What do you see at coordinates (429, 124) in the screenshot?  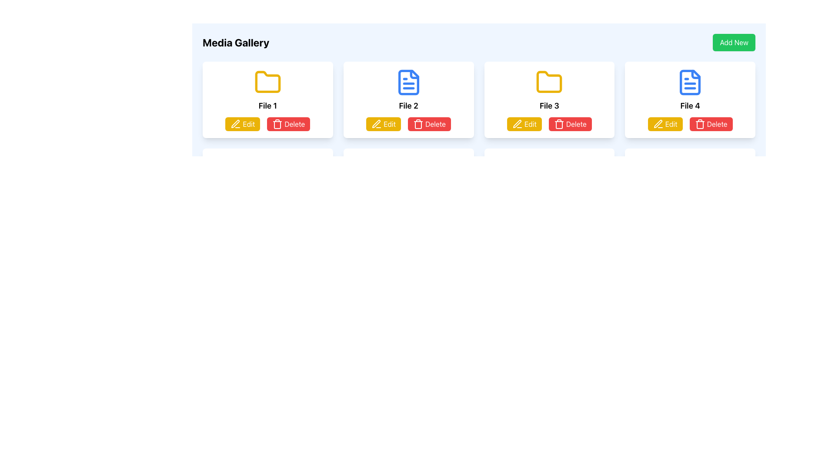 I see `the delete button located below the card labeled 'File 2', which is the second action button in the row following a yellow 'Edit' button` at bounding box center [429, 124].